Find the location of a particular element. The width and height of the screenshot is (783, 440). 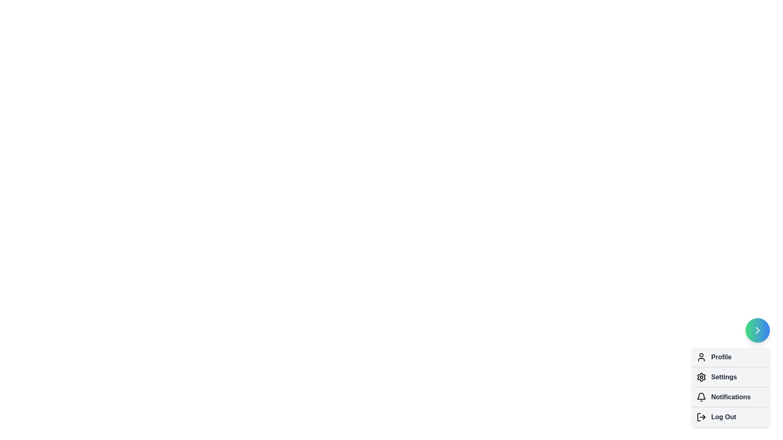

the menu option Notifications to trigger its associated action is located at coordinates (701, 397).